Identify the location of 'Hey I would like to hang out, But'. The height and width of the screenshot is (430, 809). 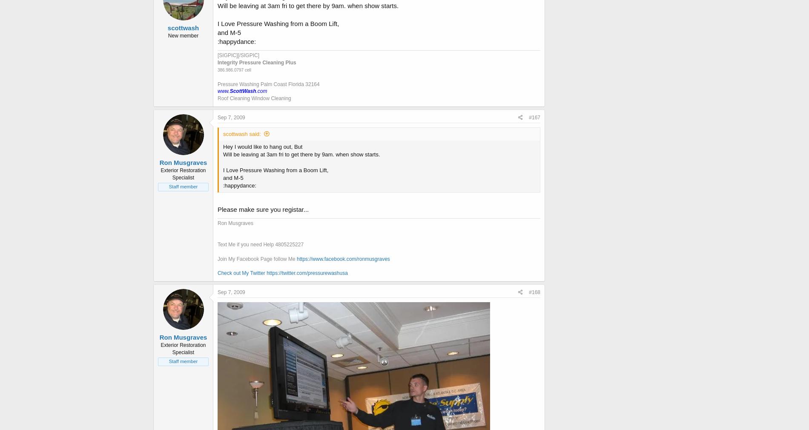
(262, 146).